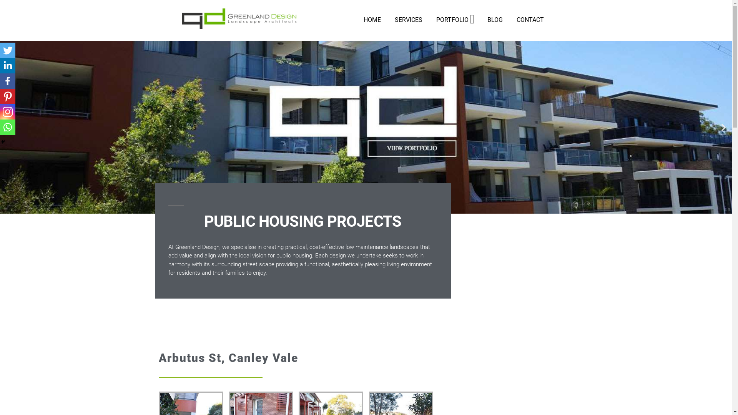 This screenshot has width=738, height=415. Describe the element at coordinates (408, 20) in the screenshot. I see `'SERVICES'` at that location.